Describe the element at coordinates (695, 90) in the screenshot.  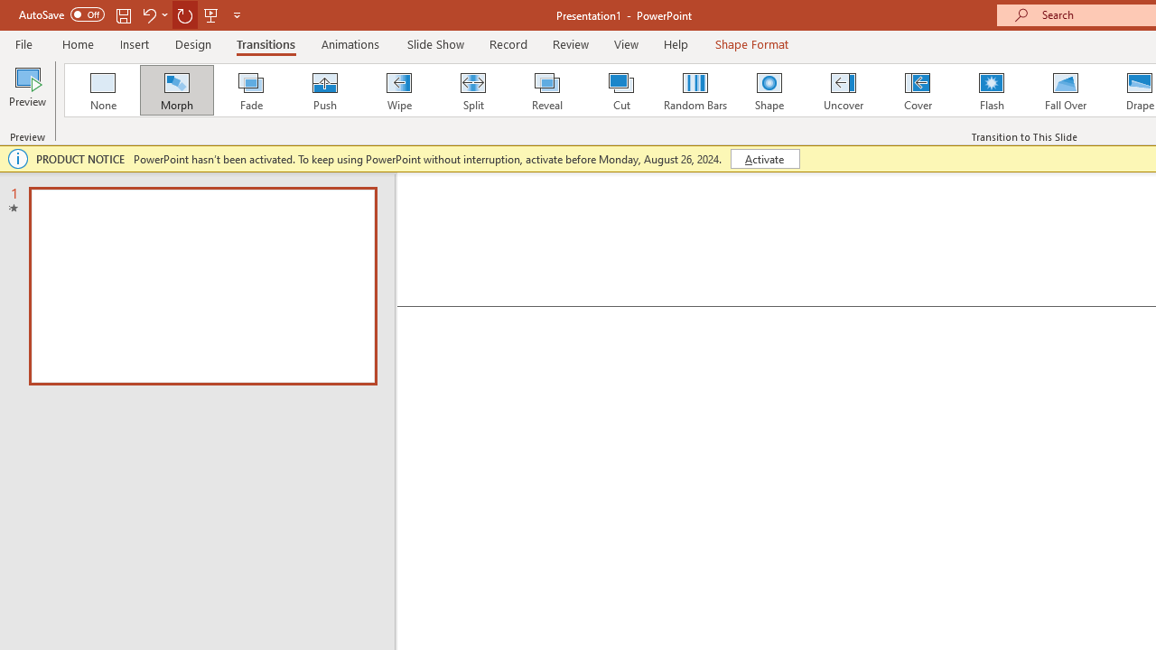
I see `'Random Bars'` at that location.